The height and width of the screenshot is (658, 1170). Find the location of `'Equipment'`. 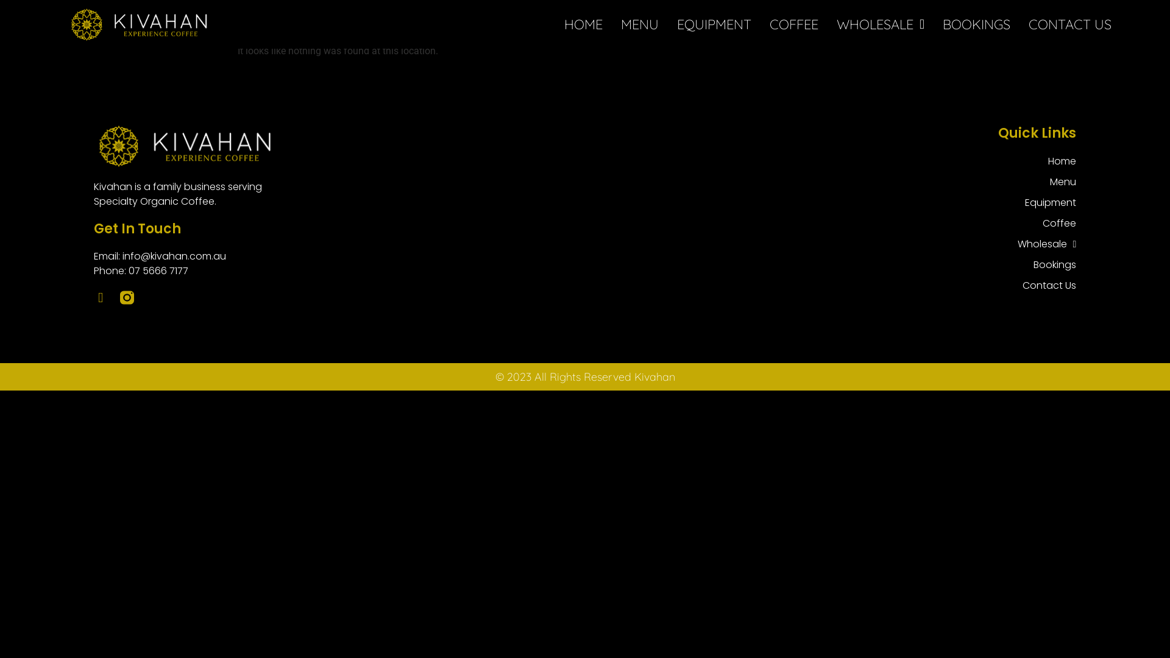

'Equipment' is located at coordinates (1018, 202).